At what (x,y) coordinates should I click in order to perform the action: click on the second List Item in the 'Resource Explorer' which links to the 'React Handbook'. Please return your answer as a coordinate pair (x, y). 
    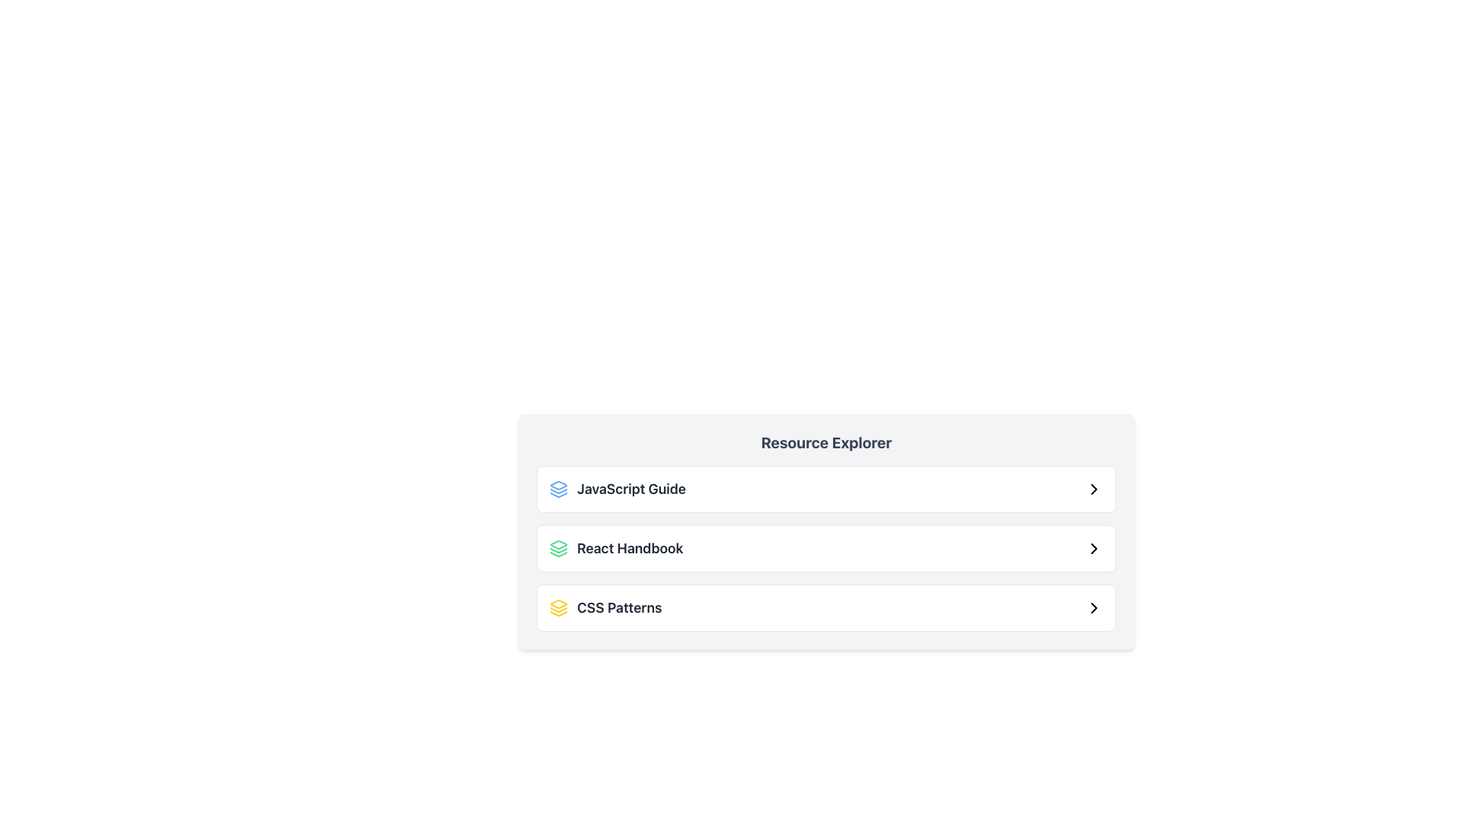
    Looking at the image, I should click on (825, 549).